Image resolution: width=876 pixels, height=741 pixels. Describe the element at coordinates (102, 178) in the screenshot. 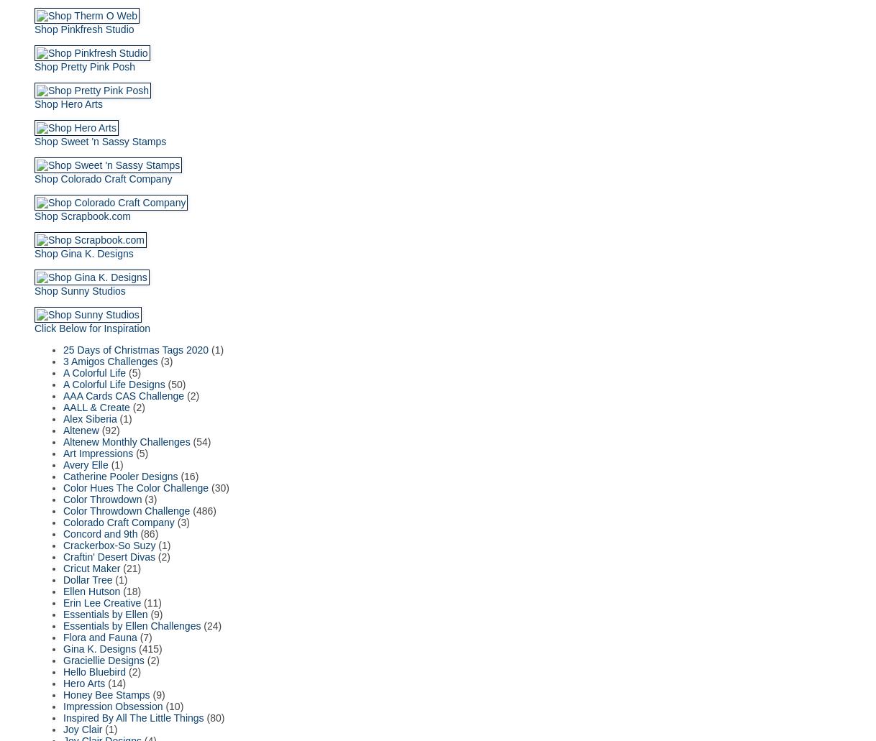

I see `'Shop Colorado Craft Company'` at that location.